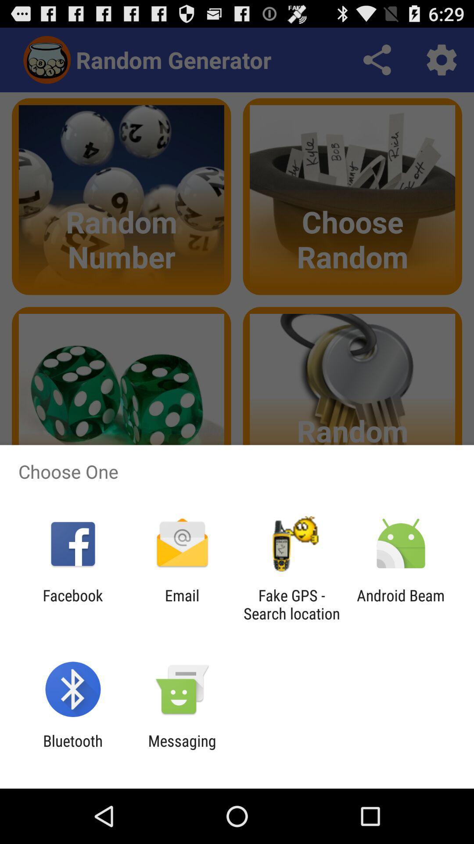 This screenshot has height=844, width=474. I want to click on the item next to messaging app, so click(72, 749).